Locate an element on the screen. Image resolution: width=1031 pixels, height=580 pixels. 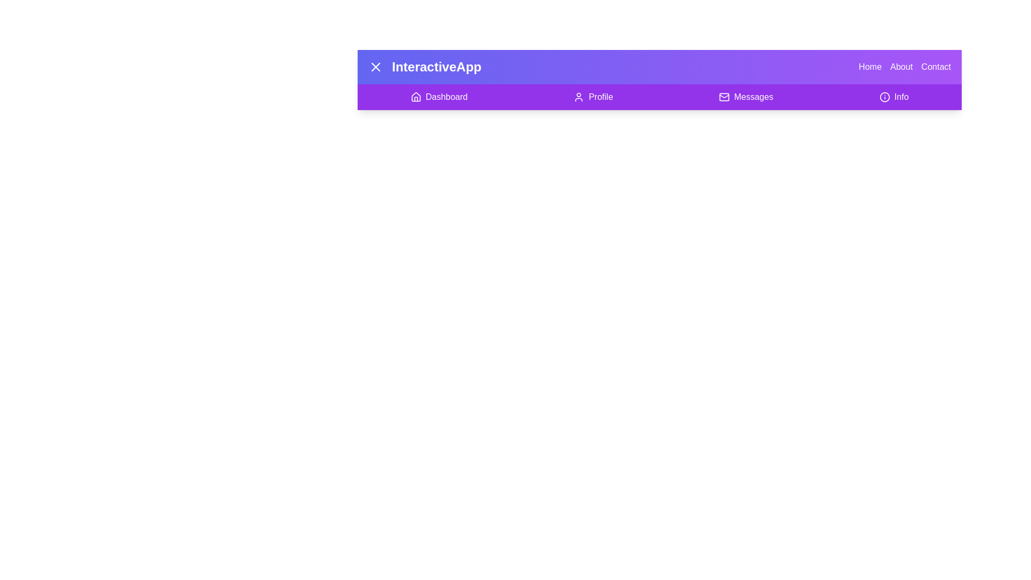
the navigation option About is located at coordinates (902, 67).